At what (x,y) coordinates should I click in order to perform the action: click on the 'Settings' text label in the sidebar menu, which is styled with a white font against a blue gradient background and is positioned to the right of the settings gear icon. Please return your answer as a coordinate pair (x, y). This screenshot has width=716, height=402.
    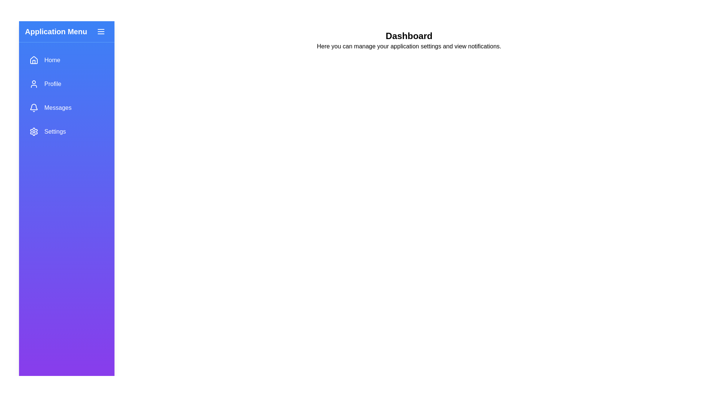
    Looking at the image, I should click on (54, 131).